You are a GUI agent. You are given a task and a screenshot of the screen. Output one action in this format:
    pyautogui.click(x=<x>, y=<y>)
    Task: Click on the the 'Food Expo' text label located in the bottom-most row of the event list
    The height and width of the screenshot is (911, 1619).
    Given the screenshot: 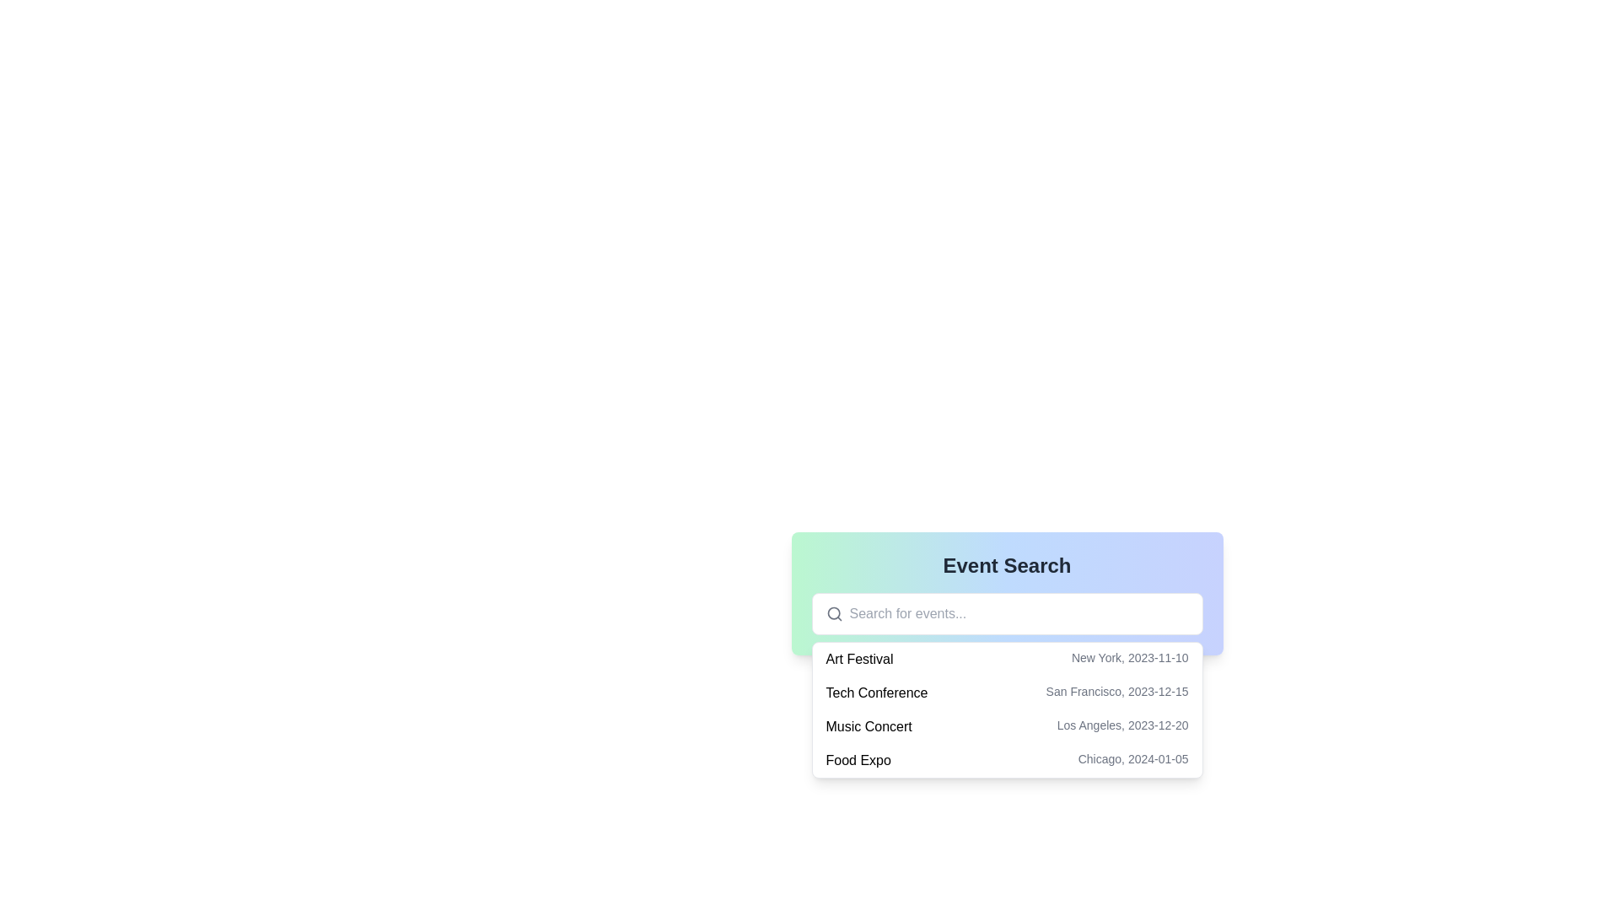 What is the action you would take?
    pyautogui.click(x=858, y=761)
    